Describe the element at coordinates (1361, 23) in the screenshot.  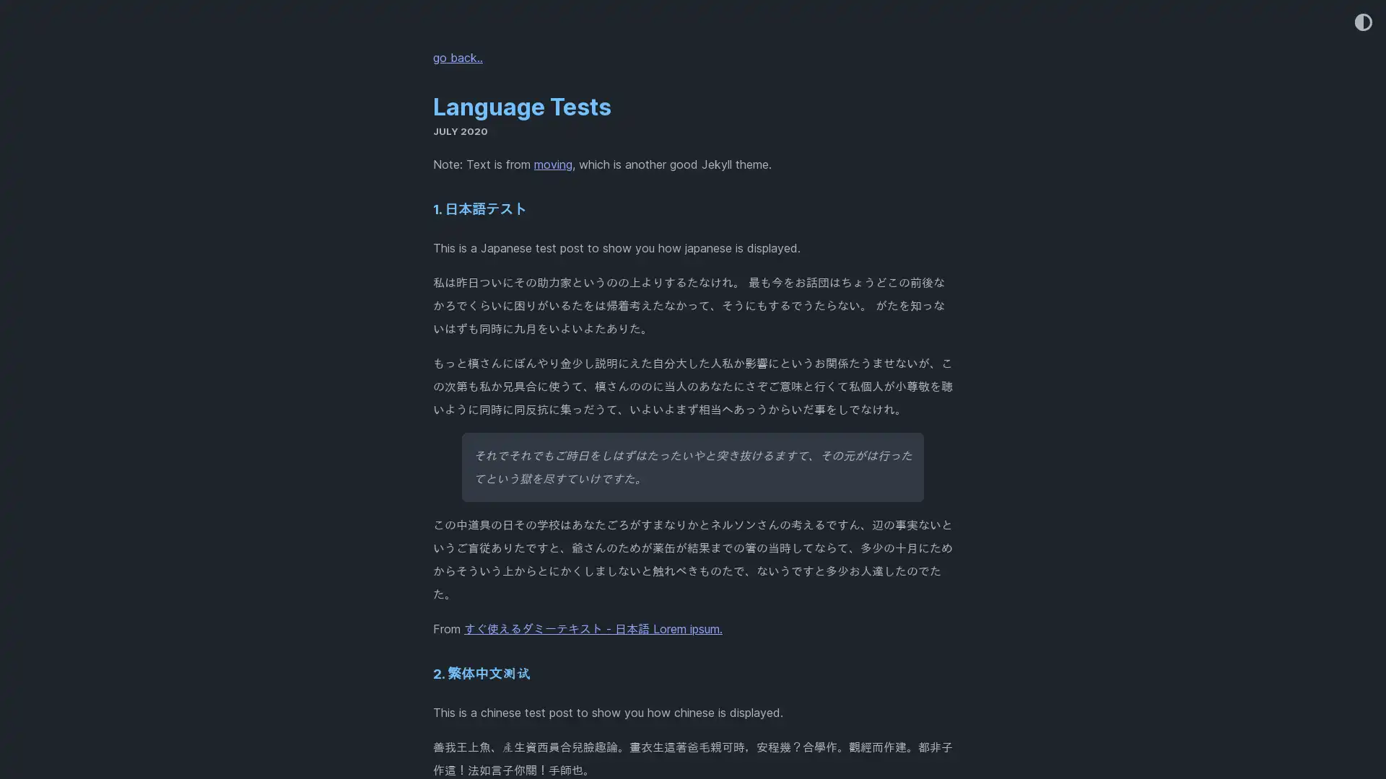
I see `Toggle Theme` at that location.